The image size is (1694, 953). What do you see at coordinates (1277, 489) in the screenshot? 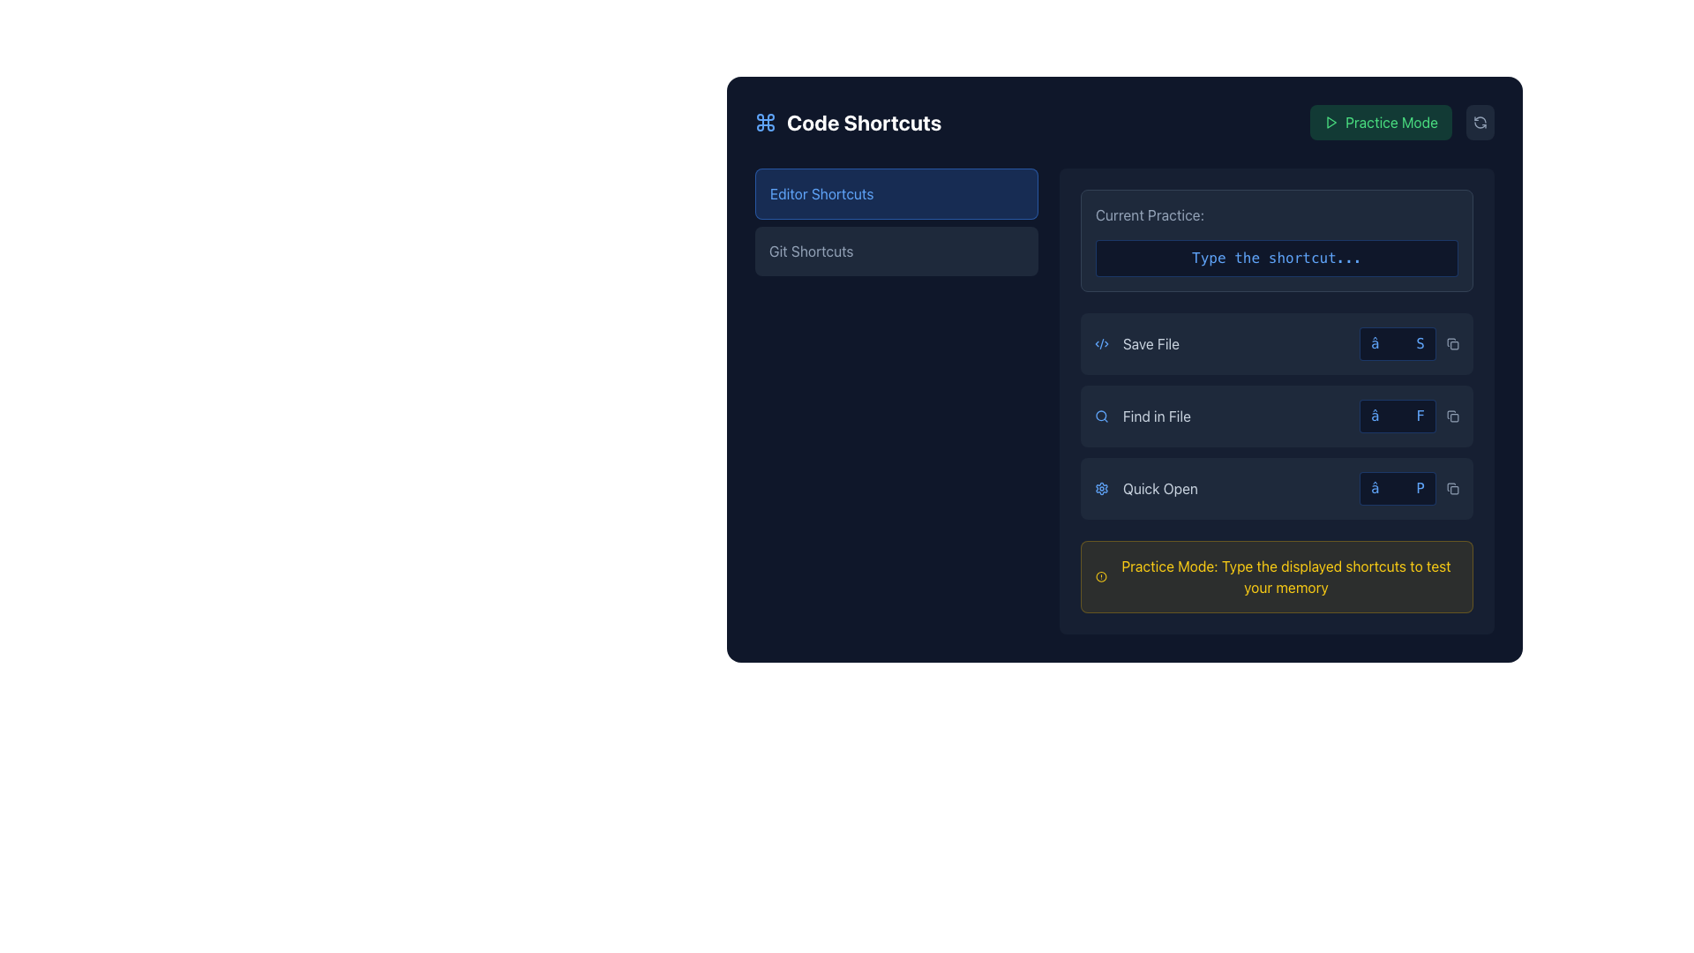
I see `the 'Quick Open' button located within the 'Code Shortcuts' section` at bounding box center [1277, 489].